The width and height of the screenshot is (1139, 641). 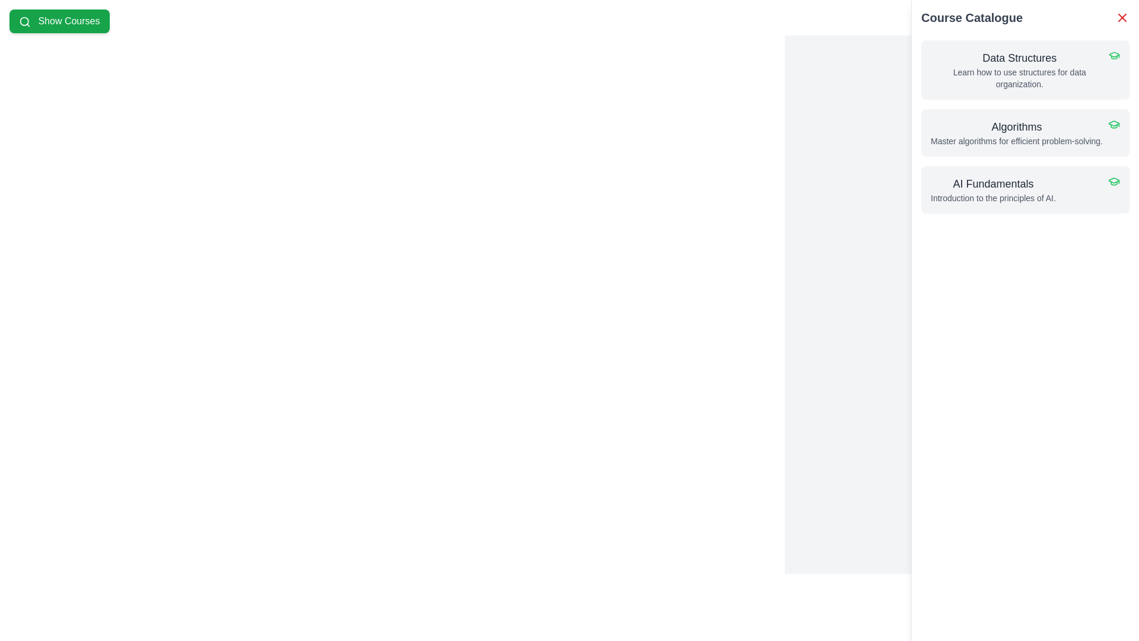 I want to click on the search icon located to the left of the 'Show Courses' button, which indicates the search functionality, so click(x=25, y=21).